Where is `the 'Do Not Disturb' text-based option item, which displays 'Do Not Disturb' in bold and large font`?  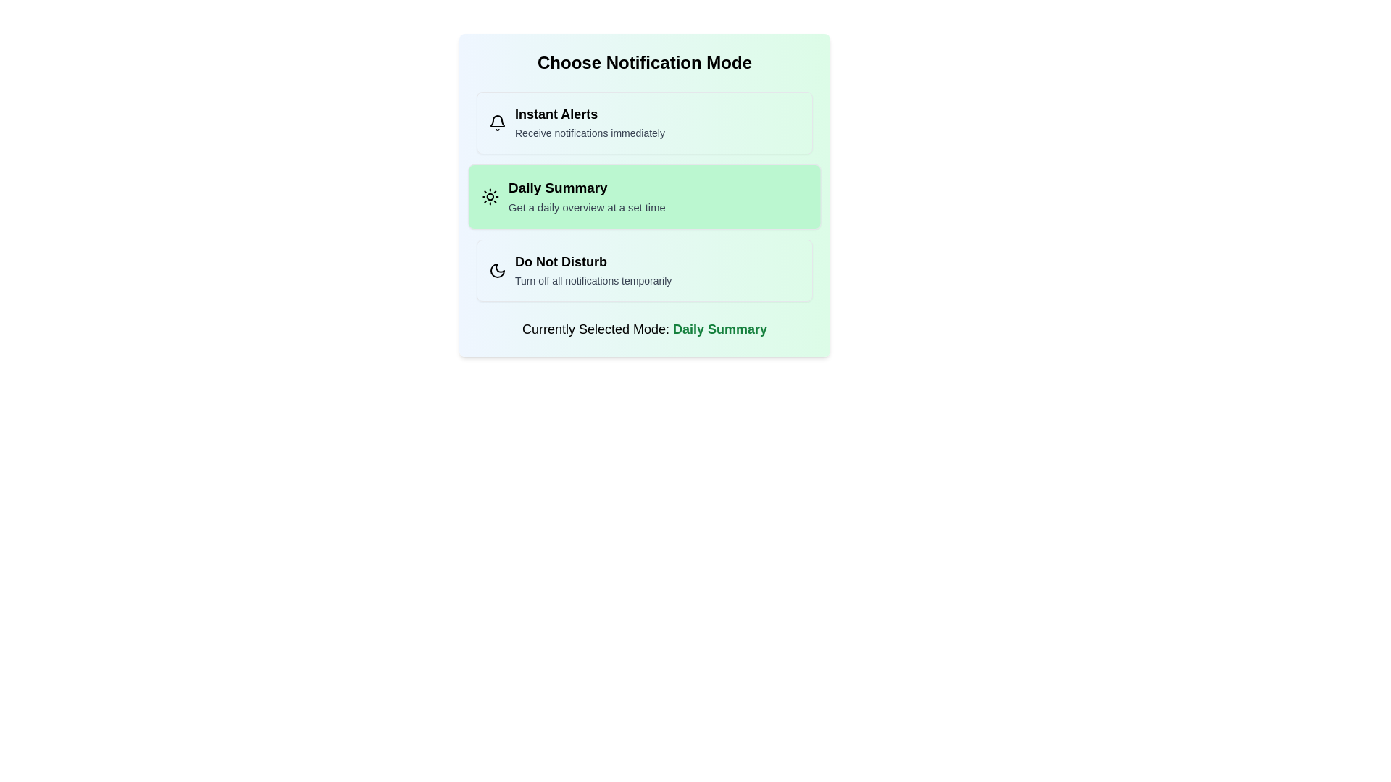 the 'Do Not Disturb' text-based option item, which displays 'Do Not Disturb' in bold and large font is located at coordinates (593, 271).